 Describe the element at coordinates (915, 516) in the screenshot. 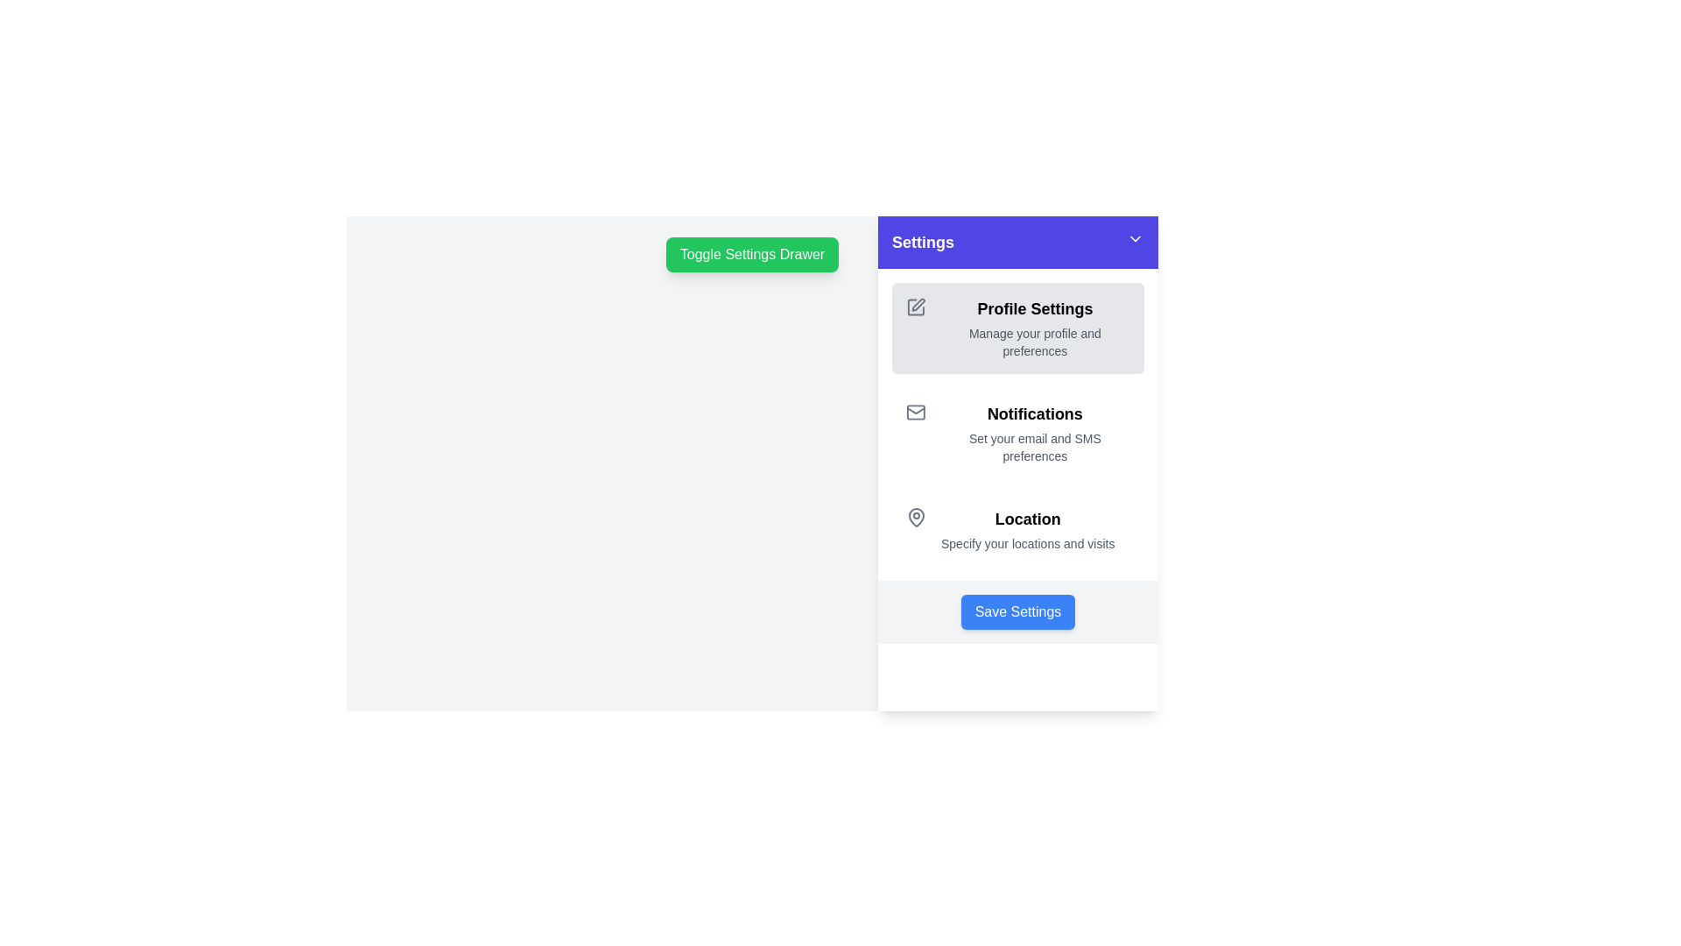

I see `the pin-like icon representing the 'Location' option in the settings menu, which is the third icon in a vertical list` at that location.